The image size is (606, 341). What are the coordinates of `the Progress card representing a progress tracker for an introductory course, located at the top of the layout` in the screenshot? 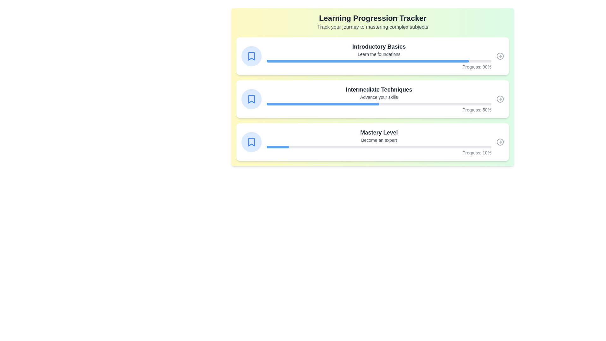 It's located at (372, 56).